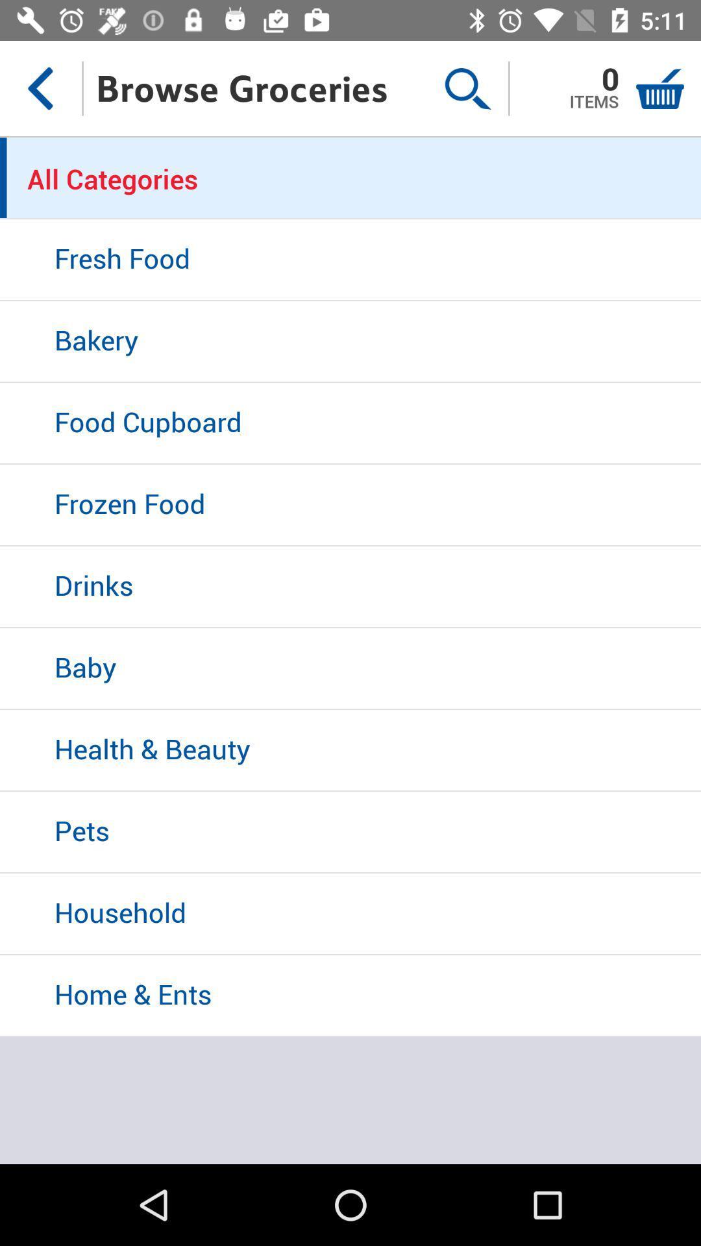 Image resolution: width=701 pixels, height=1246 pixels. I want to click on home & ents icon, so click(350, 996).